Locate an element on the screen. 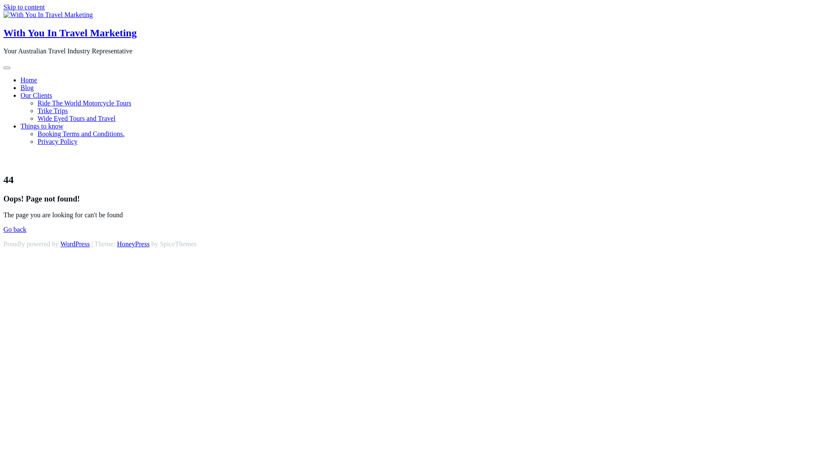 This screenshot has width=819, height=461. 'Wide Eyed Tours and Travel' is located at coordinates (76, 118).